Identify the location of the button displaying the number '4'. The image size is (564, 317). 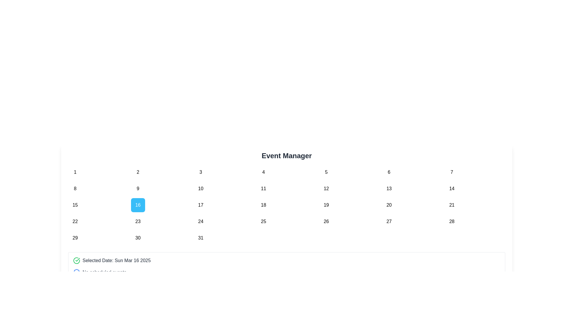
(263, 172).